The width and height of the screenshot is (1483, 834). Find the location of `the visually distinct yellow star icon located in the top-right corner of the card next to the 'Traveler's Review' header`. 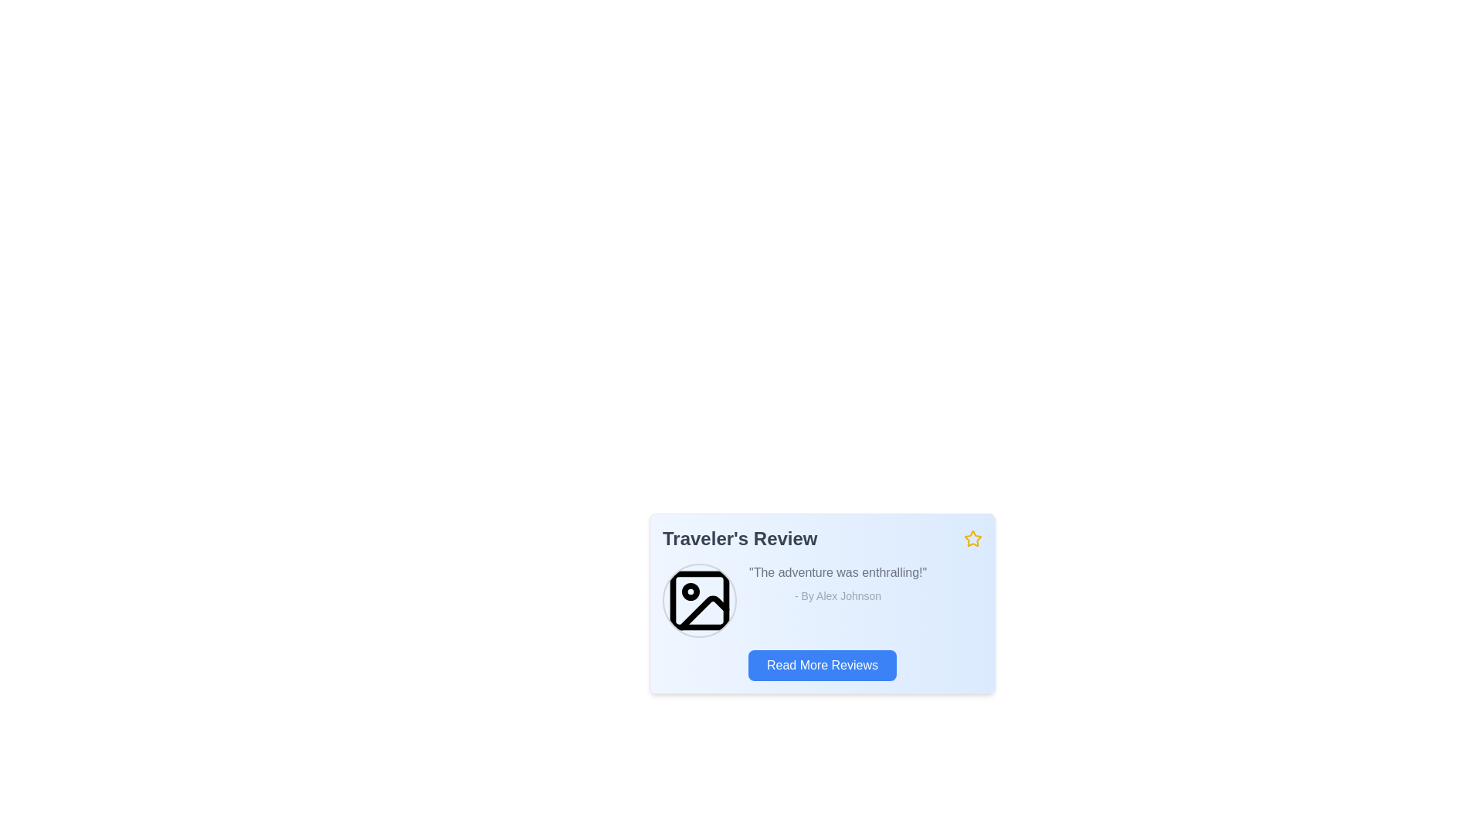

the visually distinct yellow star icon located in the top-right corner of the card next to the 'Traveler's Review' header is located at coordinates (972, 538).